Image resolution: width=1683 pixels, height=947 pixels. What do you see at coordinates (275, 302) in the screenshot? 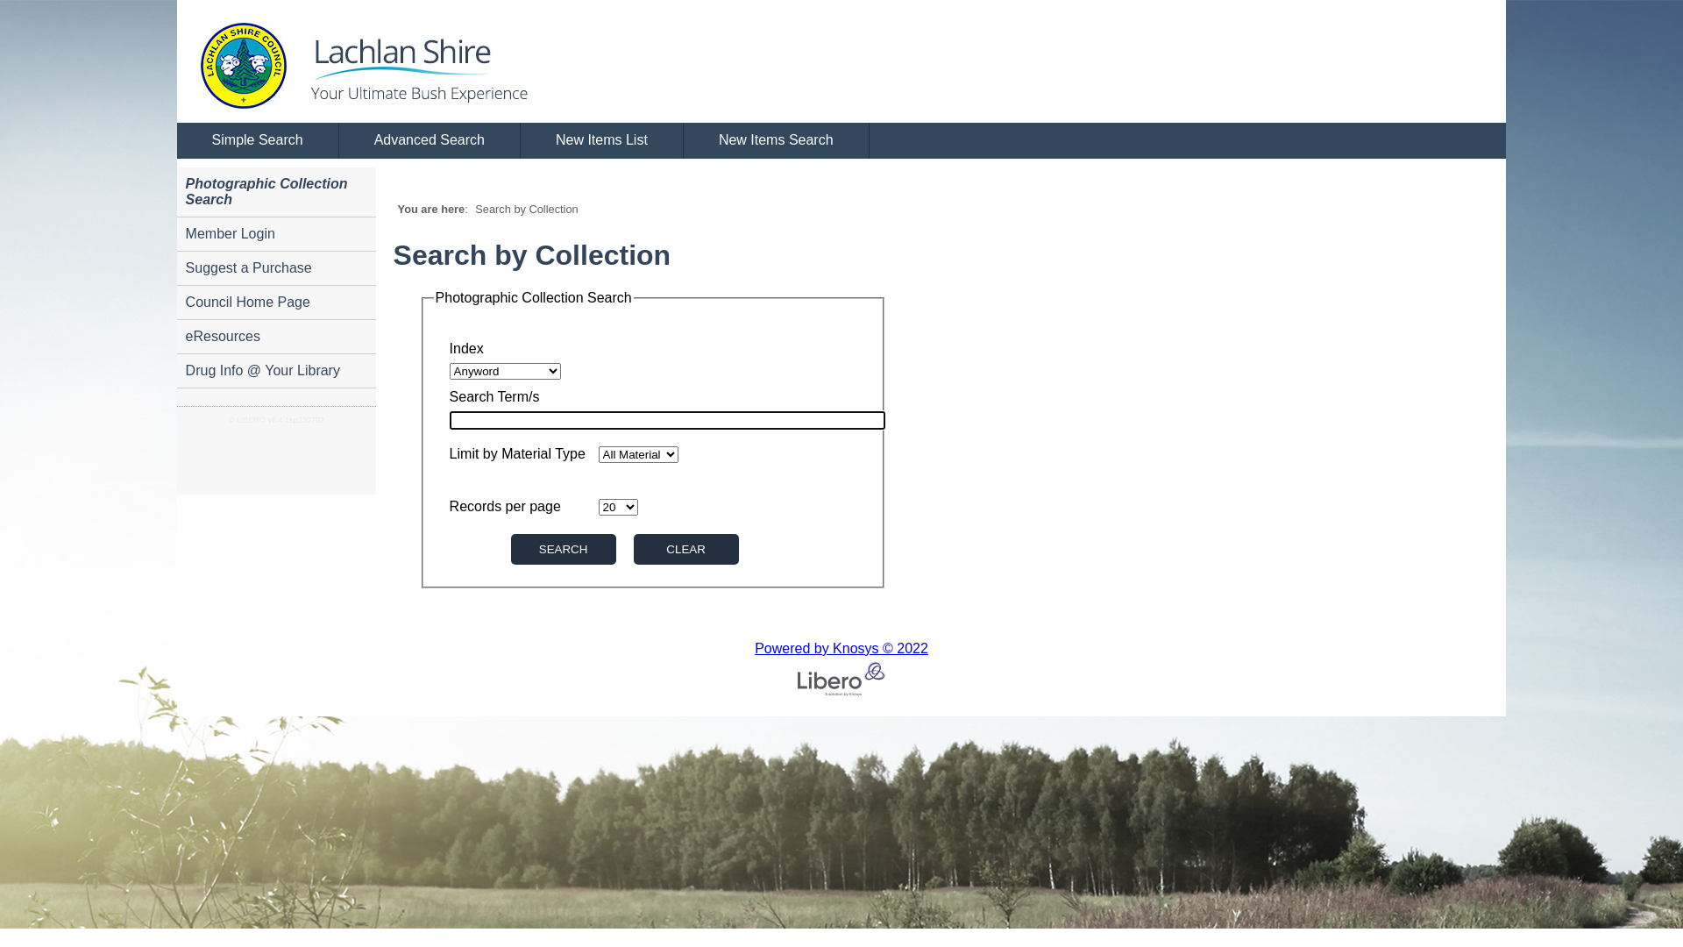
I see `'Council Home Page'` at bounding box center [275, 302].